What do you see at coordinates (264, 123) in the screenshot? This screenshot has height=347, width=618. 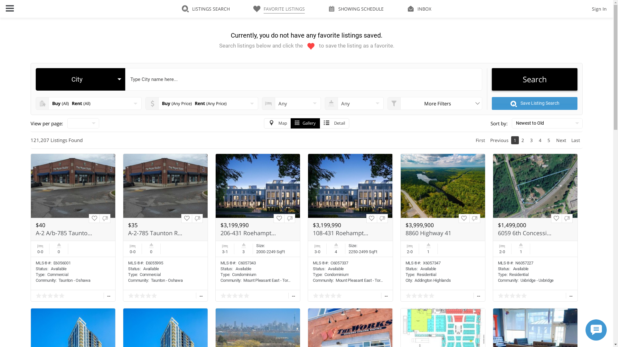 I see `'Map'` at bounding box center [264, 123].